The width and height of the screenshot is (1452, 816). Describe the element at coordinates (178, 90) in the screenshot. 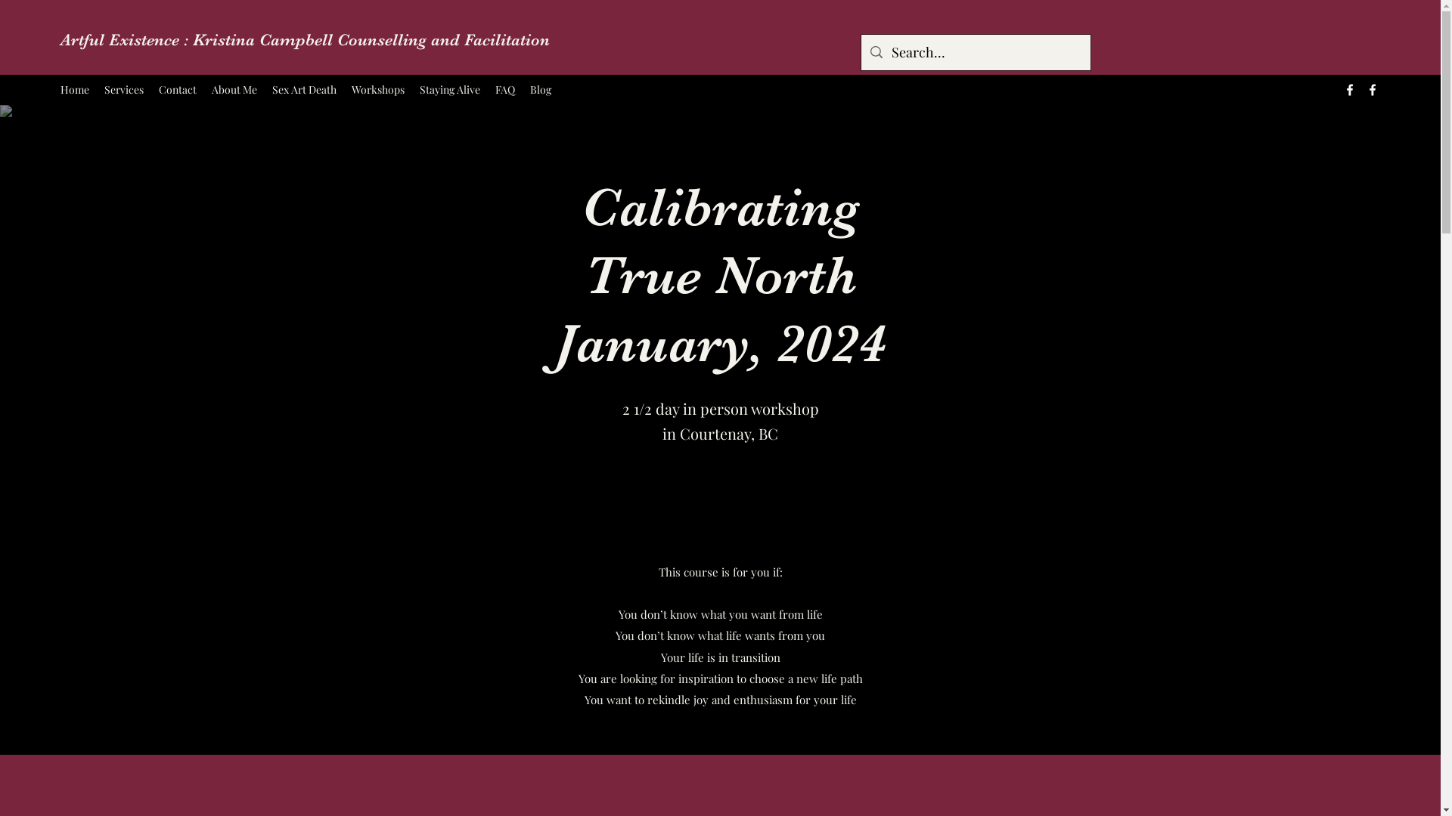

I see `'Contact'` at that location.